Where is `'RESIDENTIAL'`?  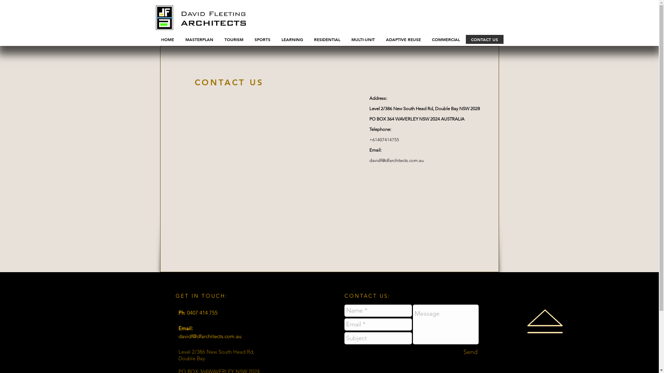 'RESIDENTIAL' is located at coordinates (326, 39).